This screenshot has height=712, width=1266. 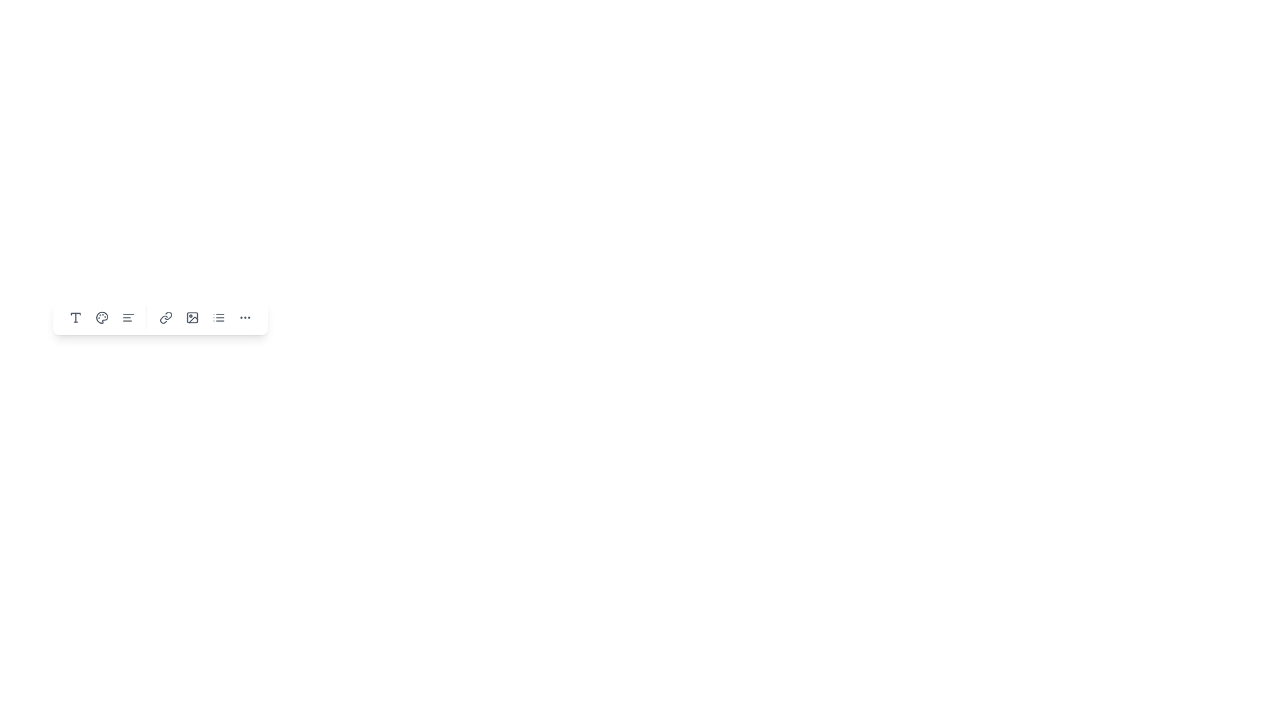 I want to click on the left alignment button, which is the fifth interactive button in the horizontal layout of a text formatting toolbar, so click(x=129, y=318).